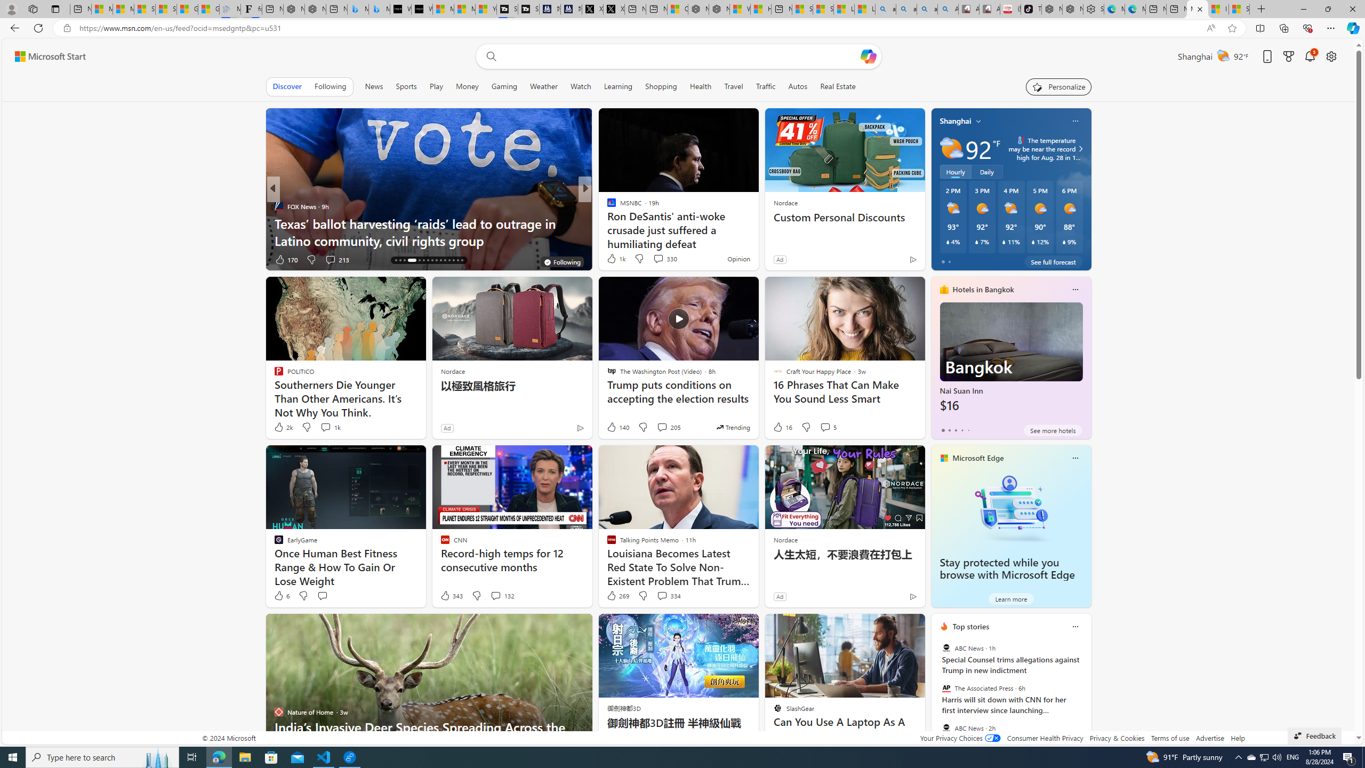 The image size is (1365, 768). What do you see at coordinates (782, 427) in the screenshot?
I see `'16 Like'` at bounding box center [782, 427].